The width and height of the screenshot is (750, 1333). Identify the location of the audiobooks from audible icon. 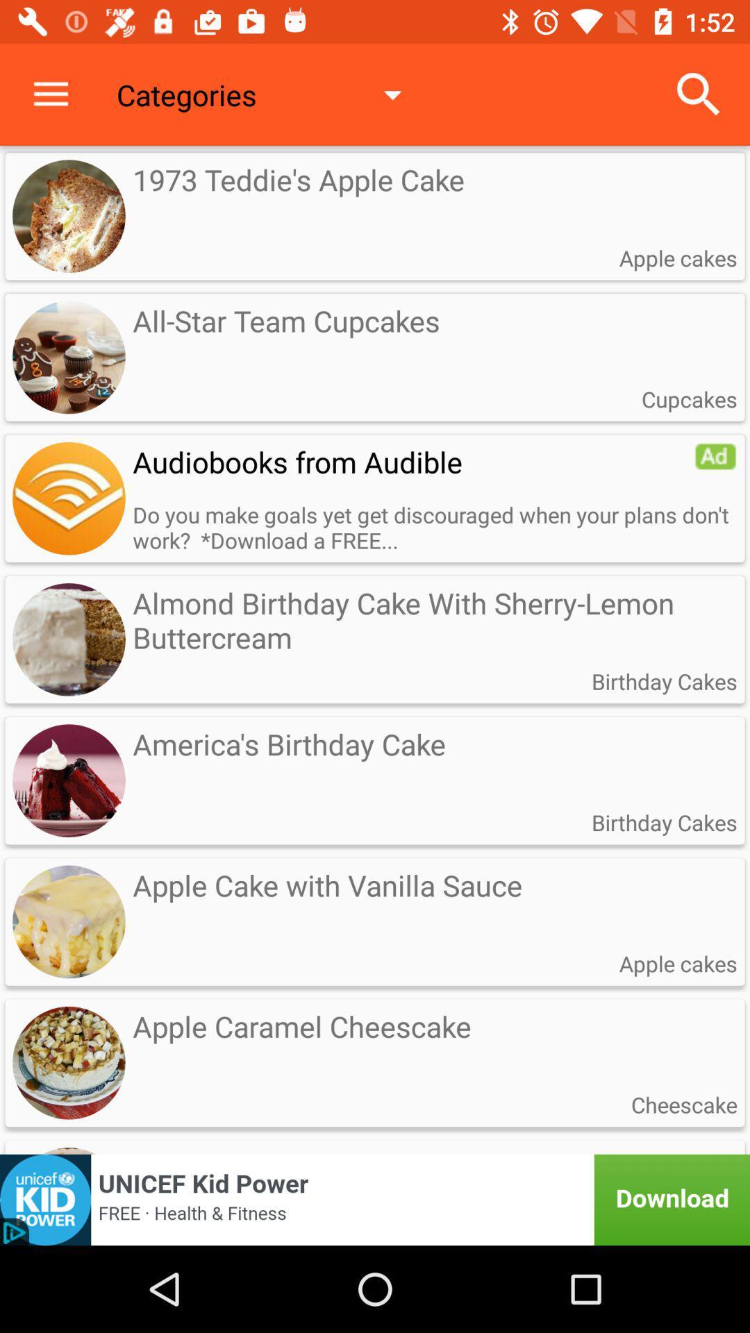
(412, 462).